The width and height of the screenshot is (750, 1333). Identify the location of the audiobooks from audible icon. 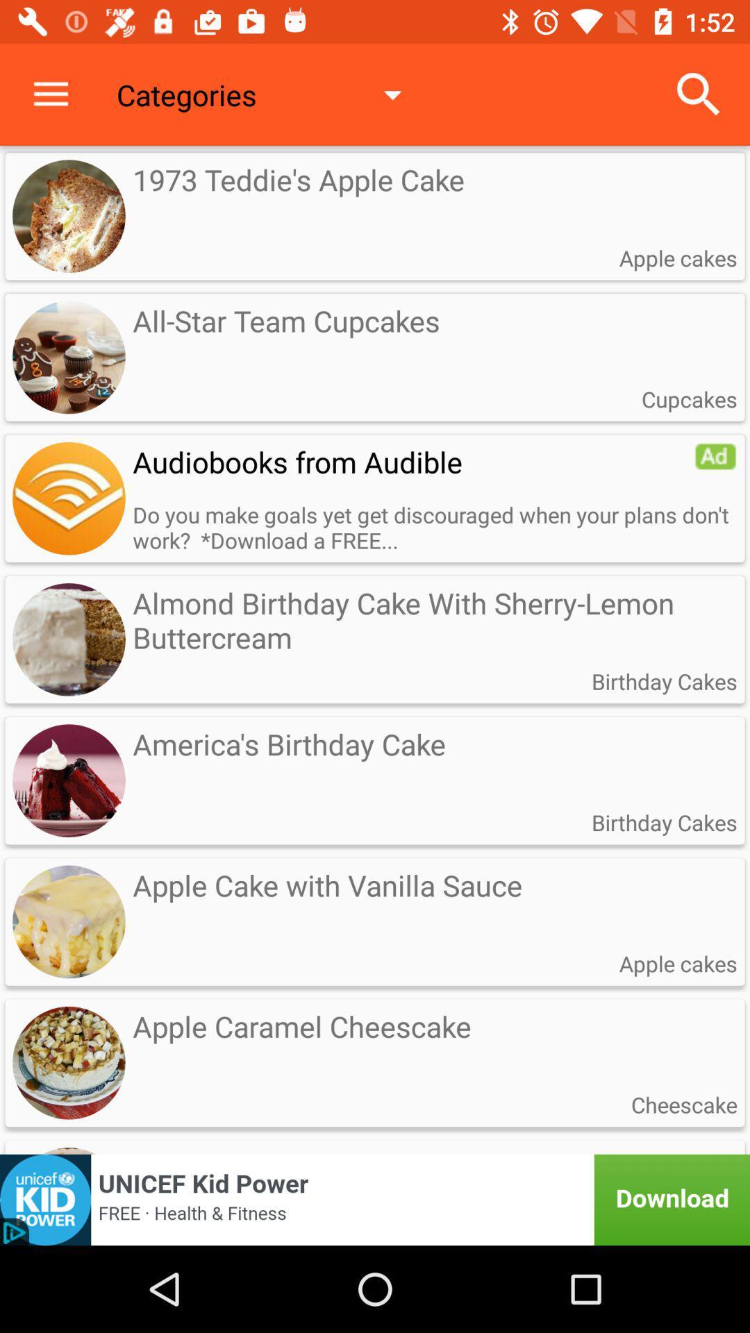
(412, 462).